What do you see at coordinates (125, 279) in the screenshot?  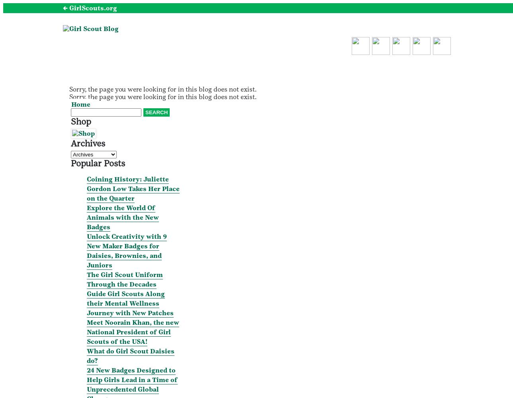 I see `'The Girl Scout Uniform Through the Decades'` at bounding box center [125, 279].